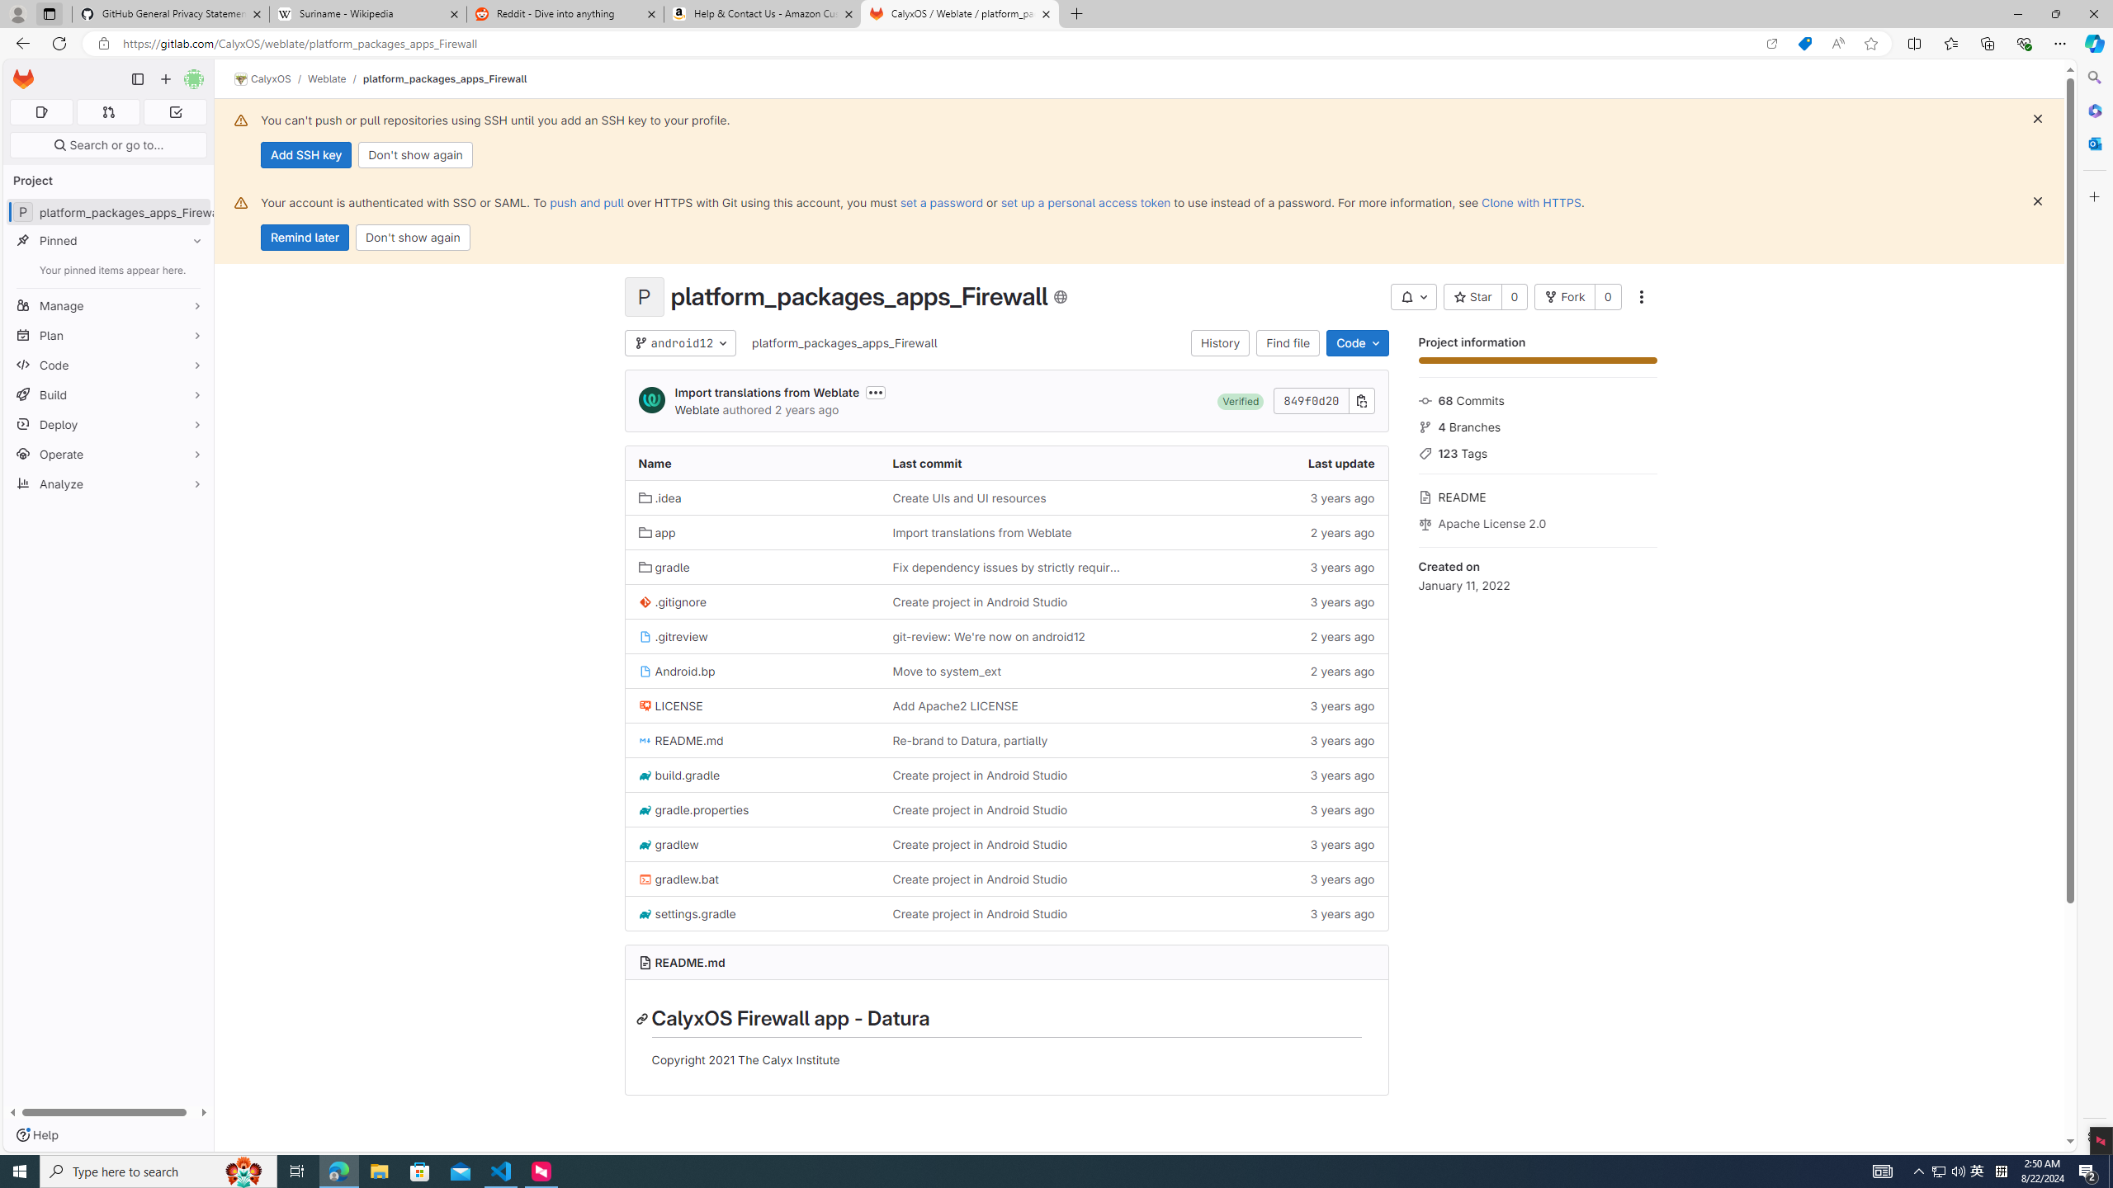 The height and width of the screenshot is (1188, 2113). Describe the element at coordinates (1537, 451) in the screenshot. I see `'123 Tags'` at that location.